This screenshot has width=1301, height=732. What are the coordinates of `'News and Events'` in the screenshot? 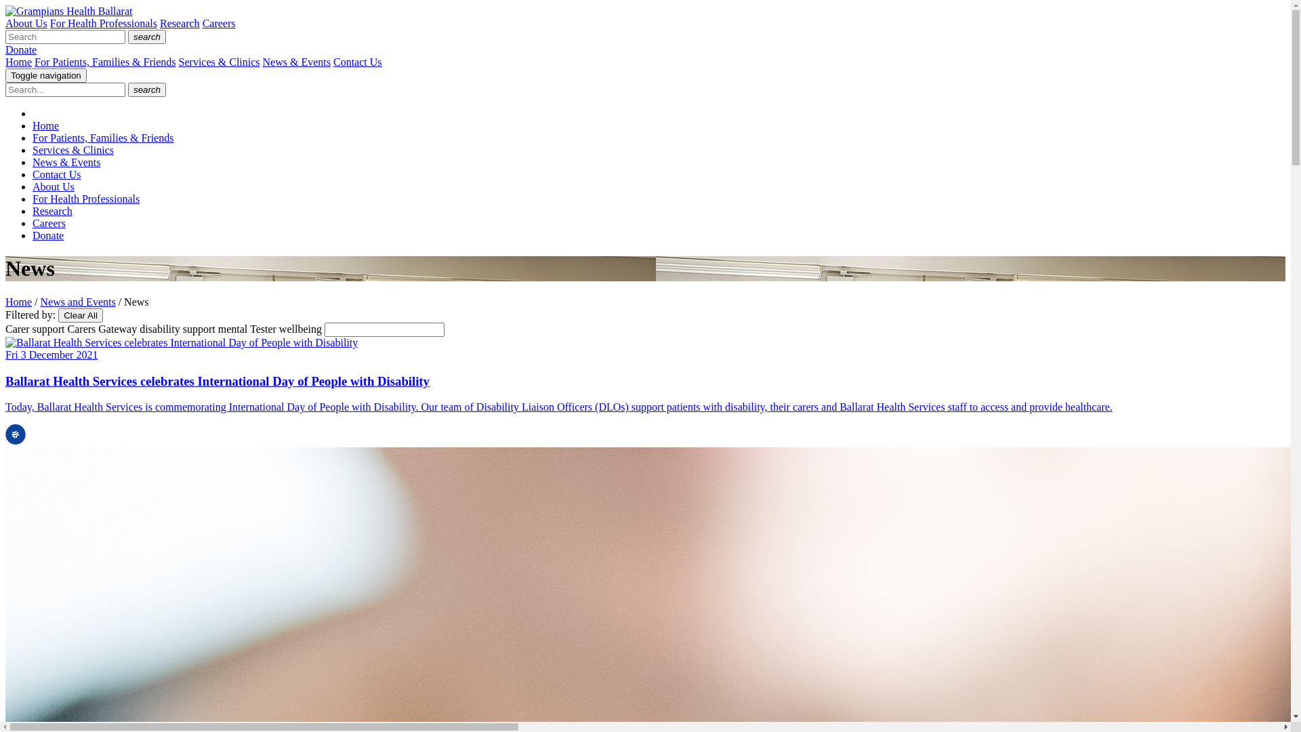 It's located at (77, 301).